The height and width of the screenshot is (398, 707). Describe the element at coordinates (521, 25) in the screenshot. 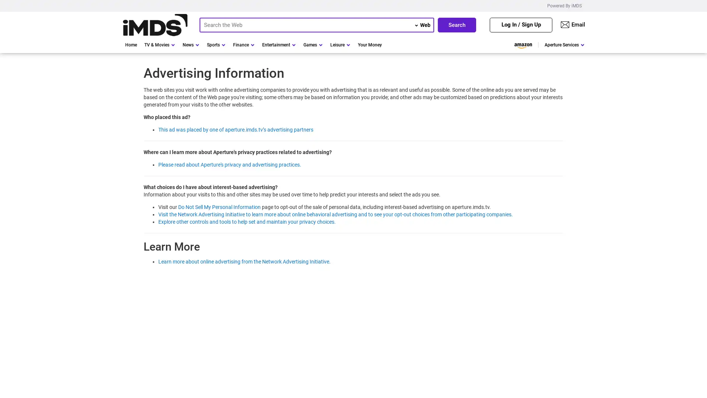

I see `Log In / Sign Up` at that location.